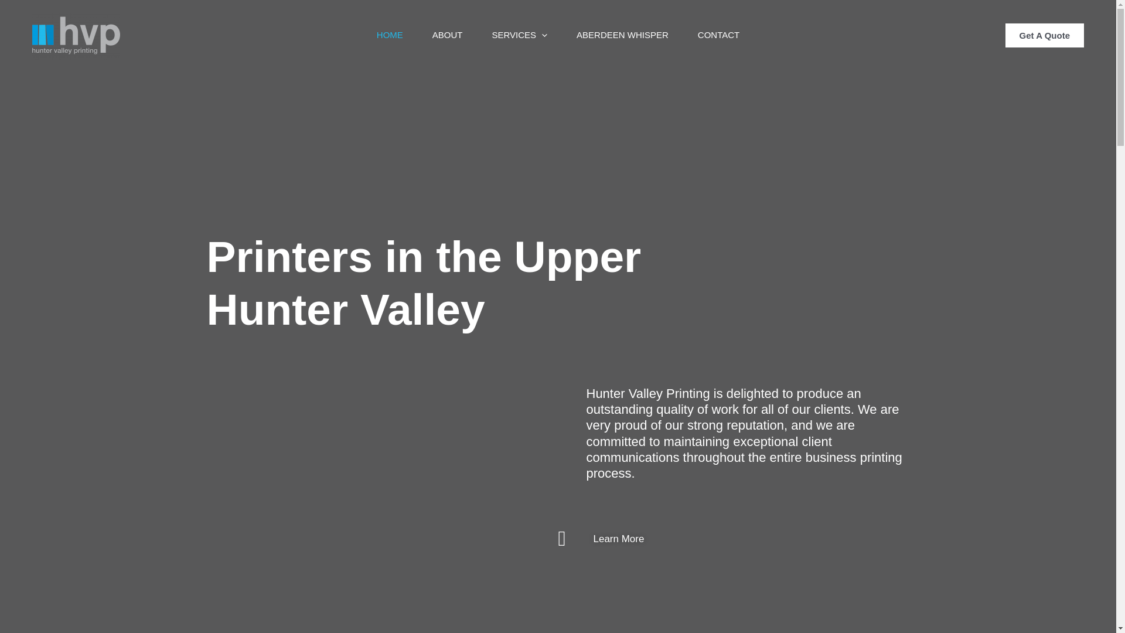 This screenshot has height=633, width=1125. What do you see at coordinates (390, 35) in the screenshot?
I see `'HOME'` at bounding box center [390, 35].